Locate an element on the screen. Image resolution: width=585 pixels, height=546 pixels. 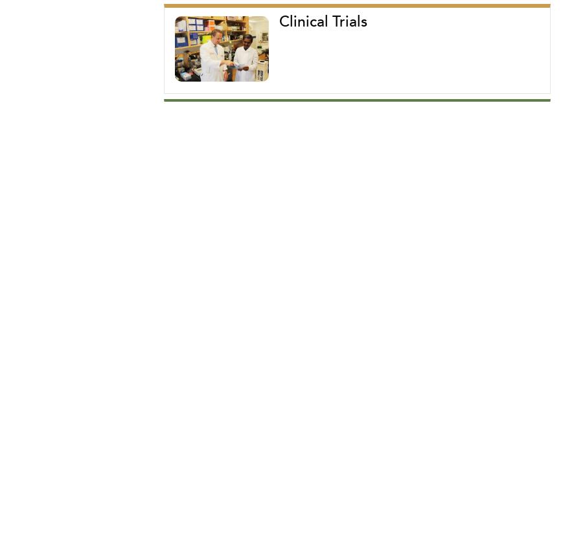
'Site Feedback' is located at coordinates (231, 213).